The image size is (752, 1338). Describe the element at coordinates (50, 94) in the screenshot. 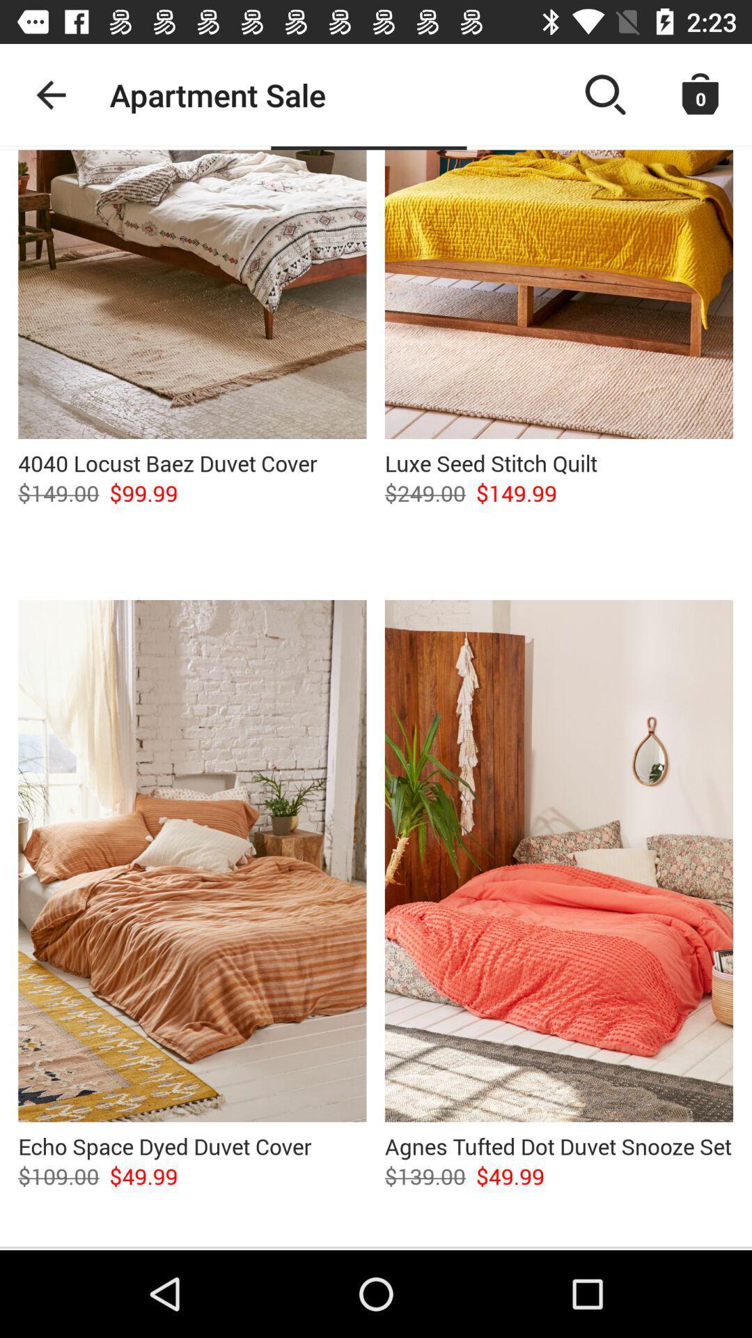

I see `icon next to apartment sale icon` at that location.